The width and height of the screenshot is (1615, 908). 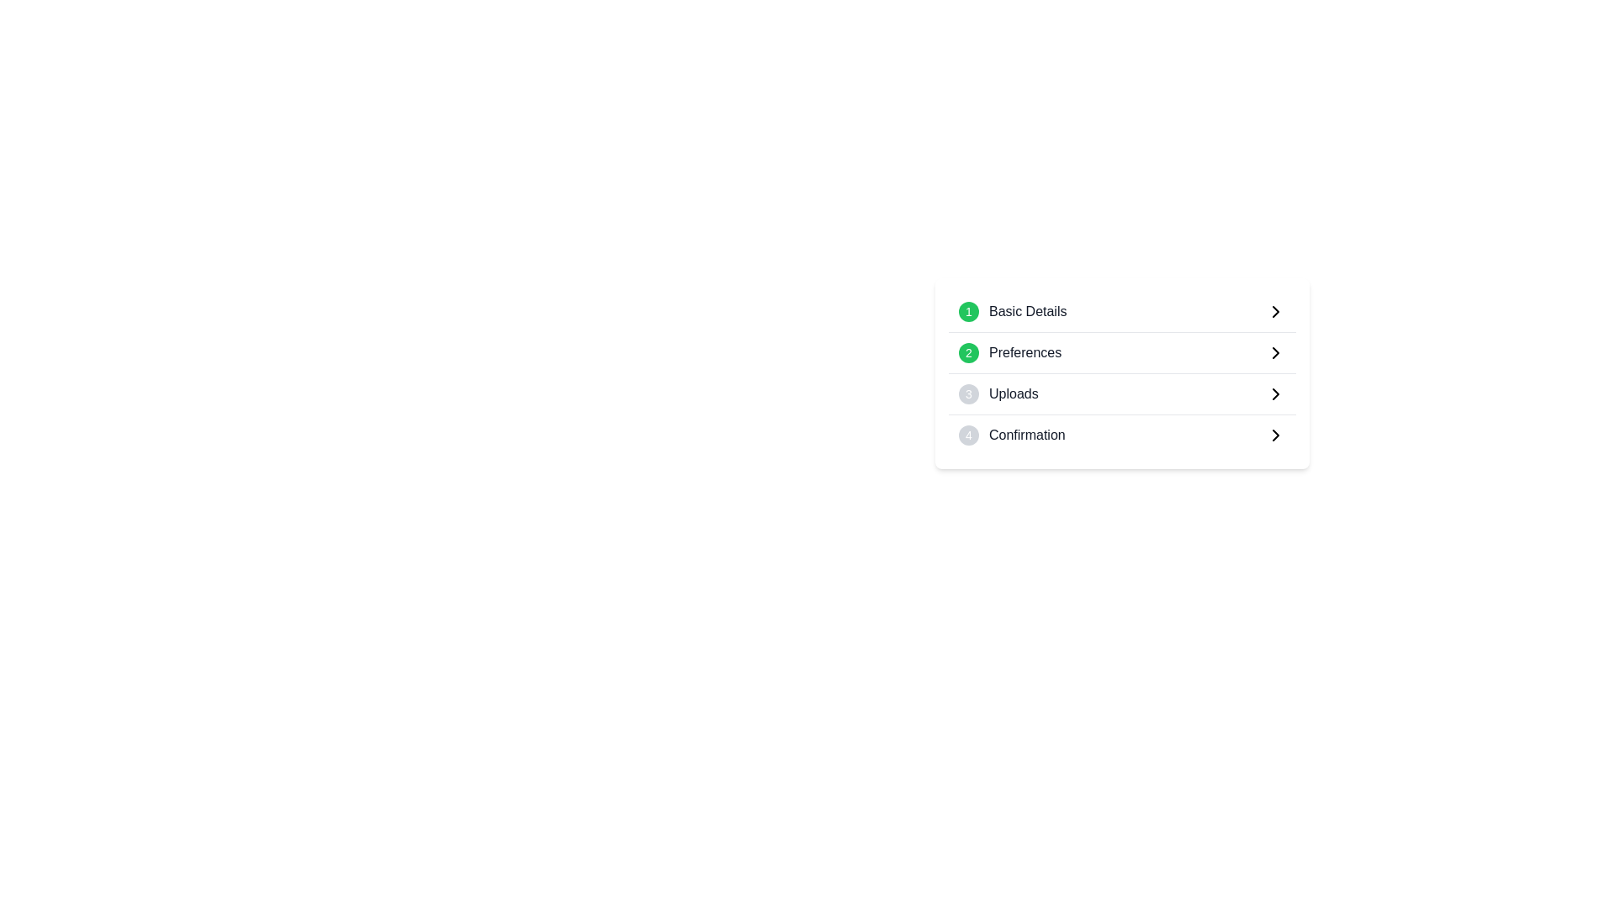 I want to click on on the 'Basic Details' section identifier, which features a green circular badge with the number '1' on the left and bold dark gray text on the right, so click(x=1012, y=311).